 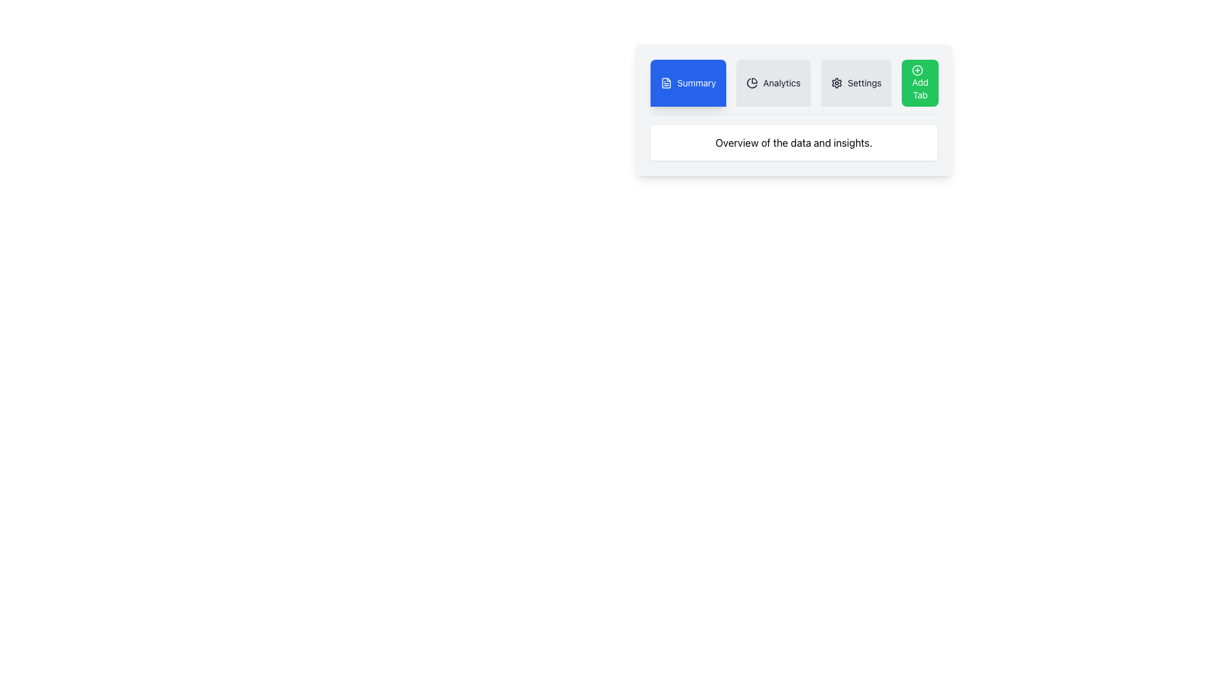 What do you see at coordinates (696, 83) in the screenshot?
I see `the 'Summary' tab button located on the far left within the button group` at bounding box center [696, 83].